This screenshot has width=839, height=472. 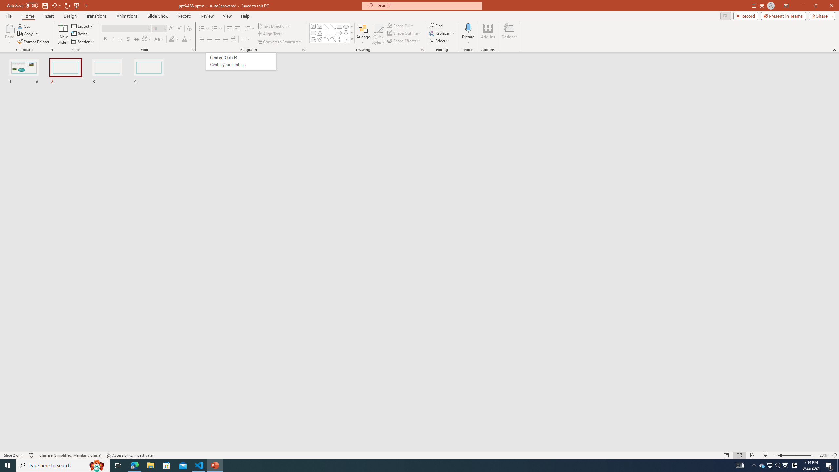 What do you see at coordinates (230, 29) in the screenshot?
I see `'Decrease Indent'` at bounding box center [230, 29].